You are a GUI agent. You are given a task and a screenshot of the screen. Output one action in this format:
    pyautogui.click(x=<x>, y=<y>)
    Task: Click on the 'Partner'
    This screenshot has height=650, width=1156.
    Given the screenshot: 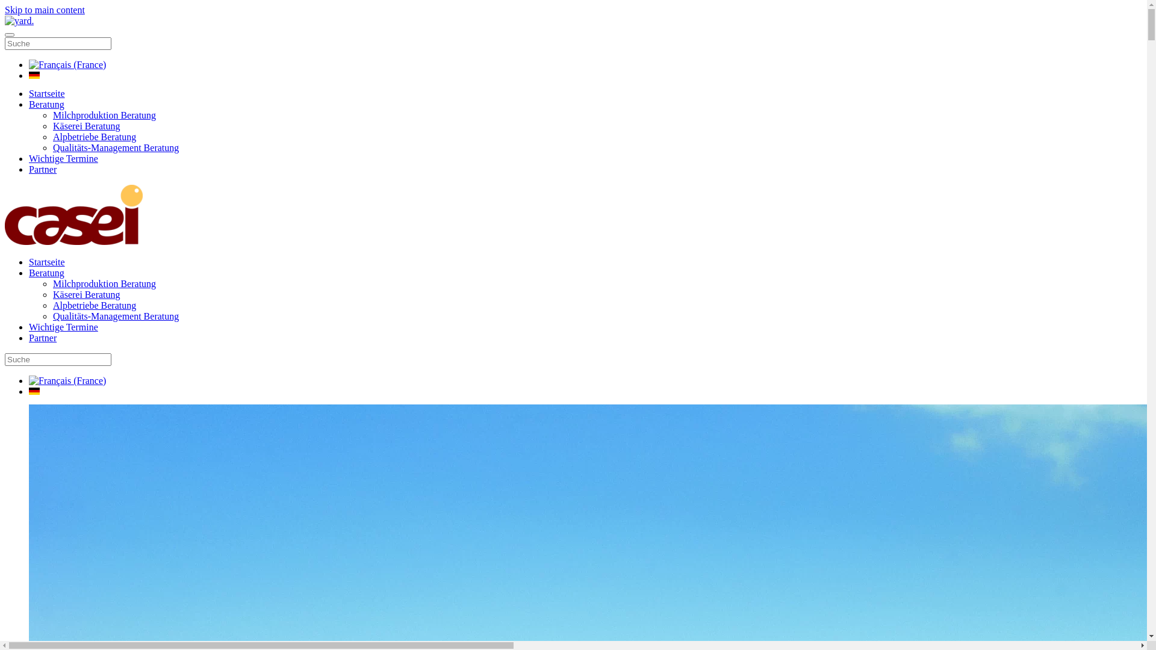 What is the action you would take?
    pyautogui.click(x=43, y=169)
    